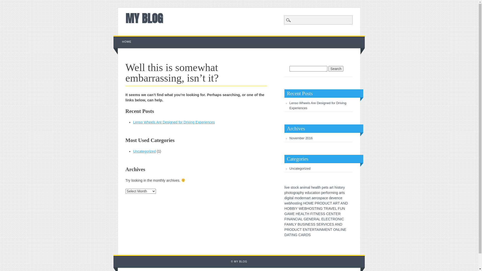 This screenshot has width=482, height=271. Describe the element at coordinates (289, 187) in the screenshot. I see `'e'` at that location.